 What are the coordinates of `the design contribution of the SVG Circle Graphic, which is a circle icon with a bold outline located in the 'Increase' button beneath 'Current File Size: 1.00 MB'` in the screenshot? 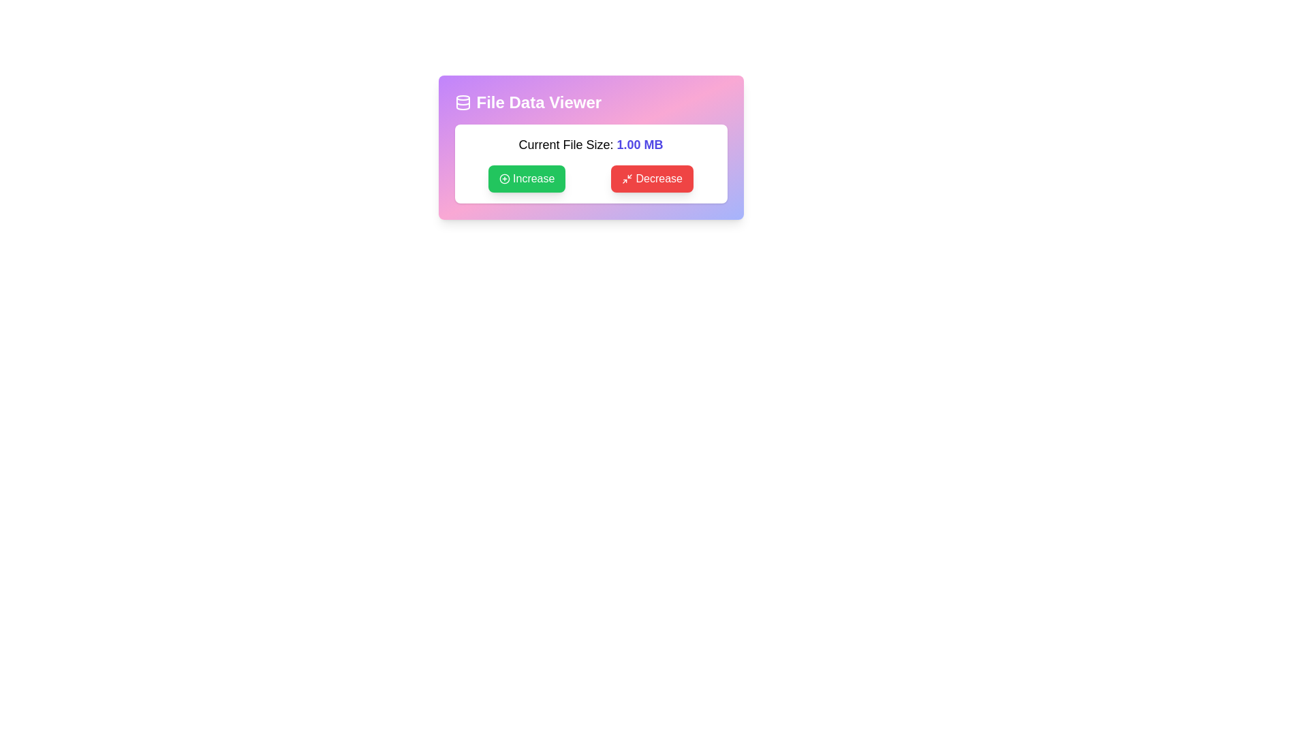 It's located at (504, 178).